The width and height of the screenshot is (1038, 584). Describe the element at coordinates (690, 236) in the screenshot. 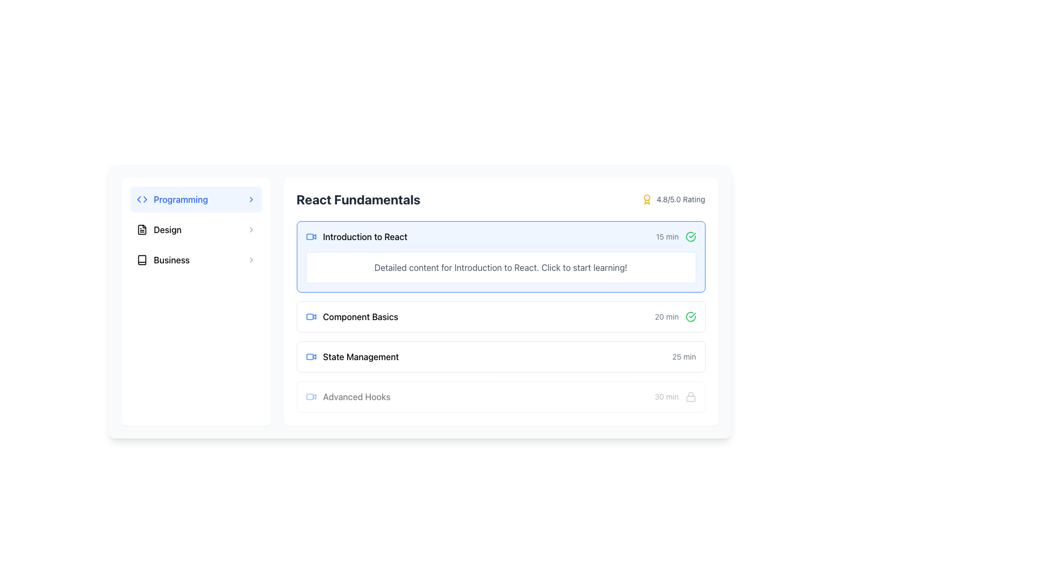

I see `the green circular check mark icon indicating completion, which is located to the far right of the '15 min' label in the same row as the course title 'Introduction to React'` at that location.